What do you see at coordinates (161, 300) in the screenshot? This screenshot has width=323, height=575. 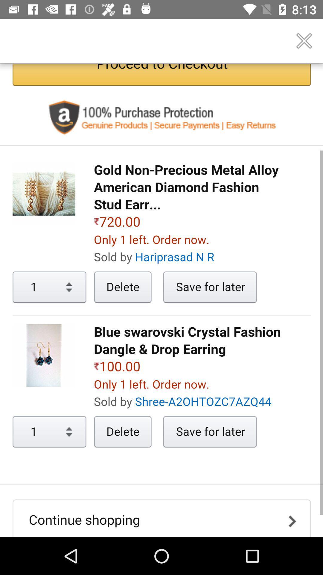 I see `description` at bounding box center [161, 300].